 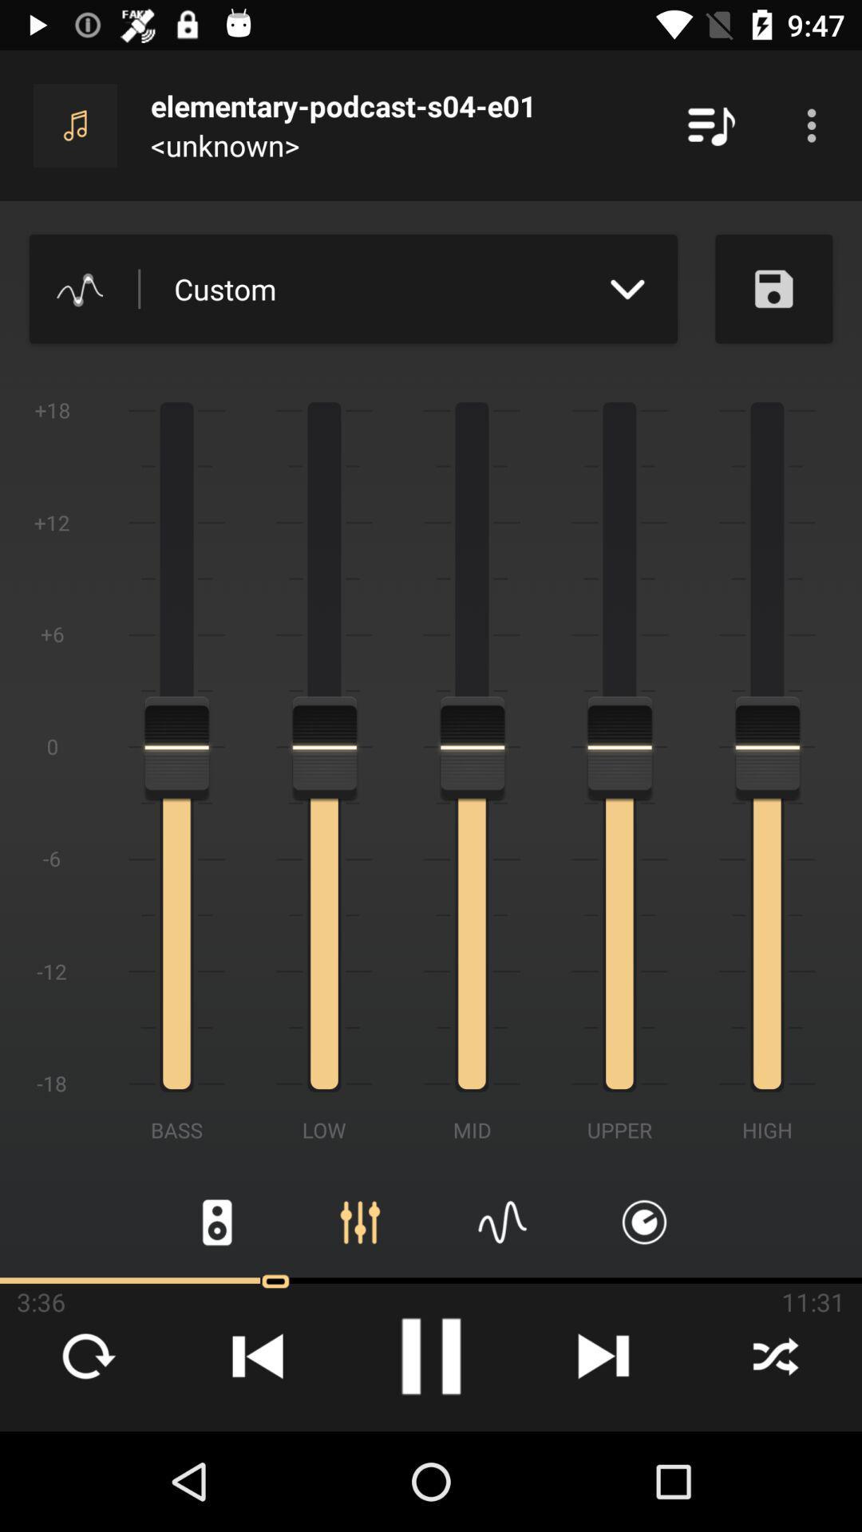 I want to click on the more icon, so click(x=812, y=124).